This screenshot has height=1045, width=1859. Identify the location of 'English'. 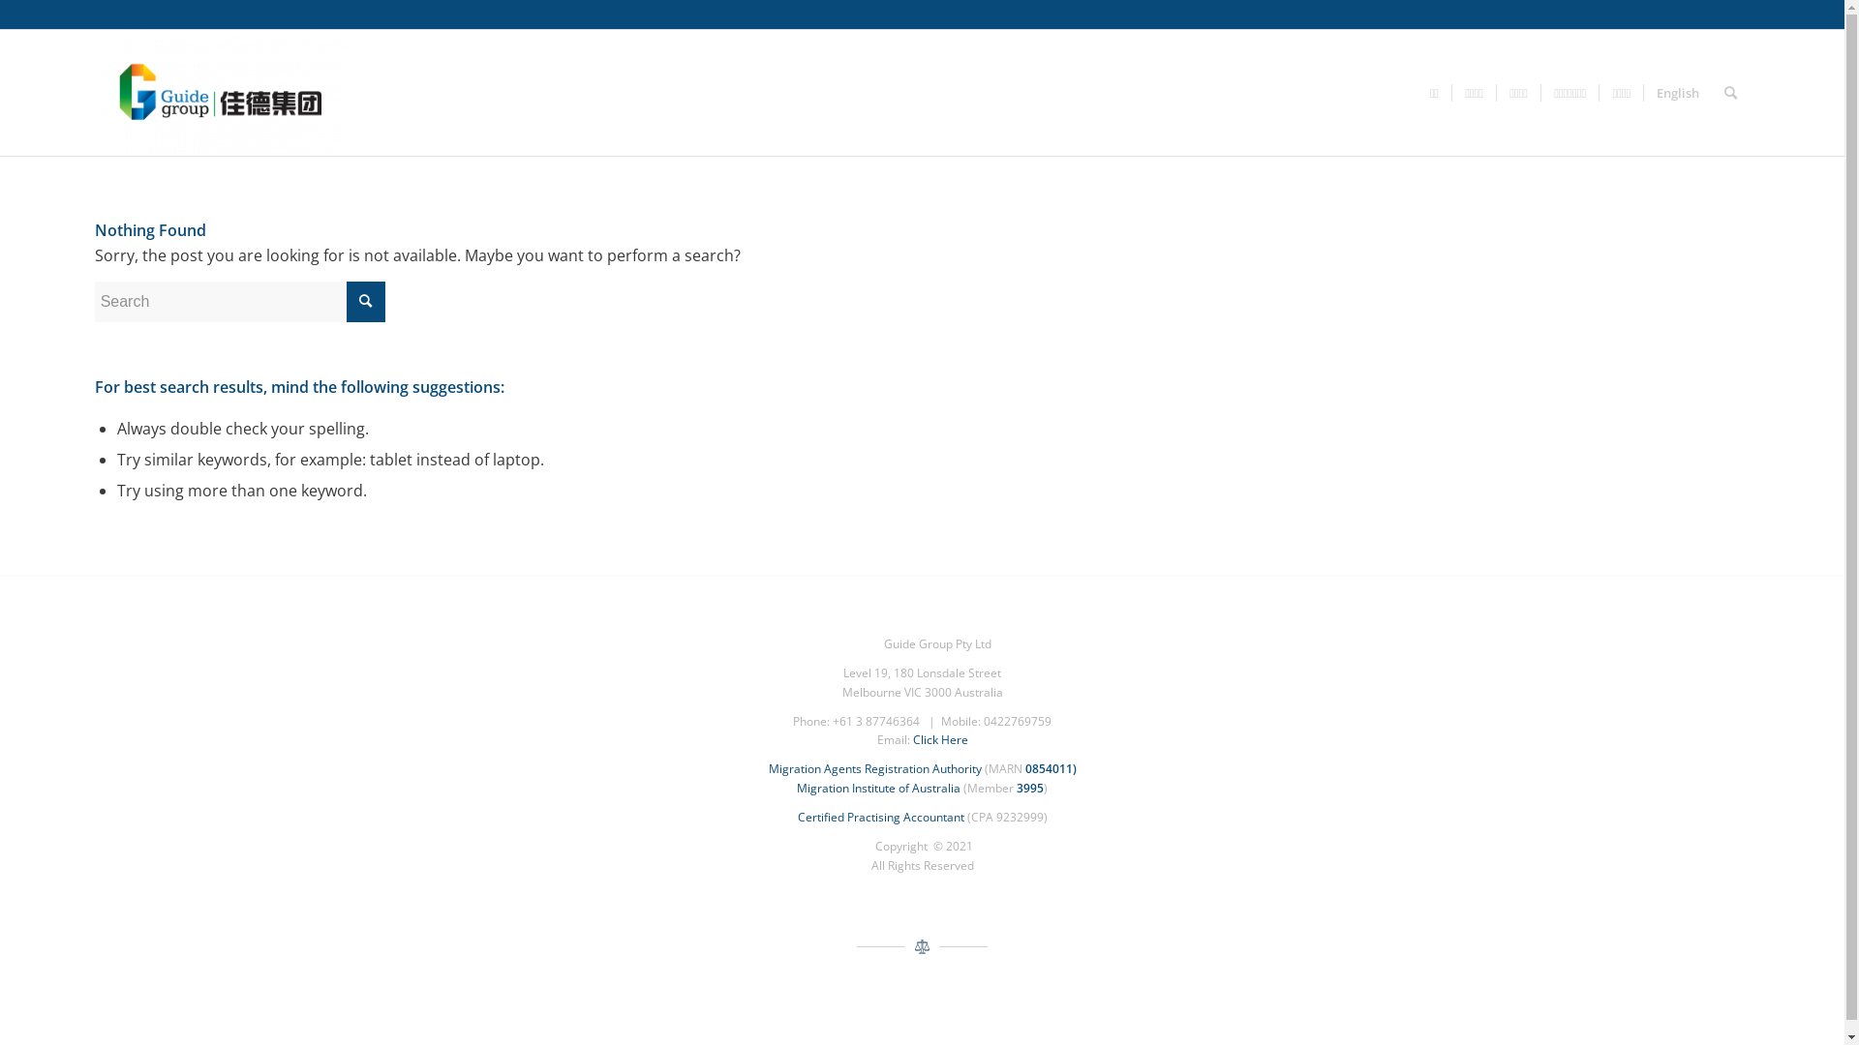
(1676, 93).